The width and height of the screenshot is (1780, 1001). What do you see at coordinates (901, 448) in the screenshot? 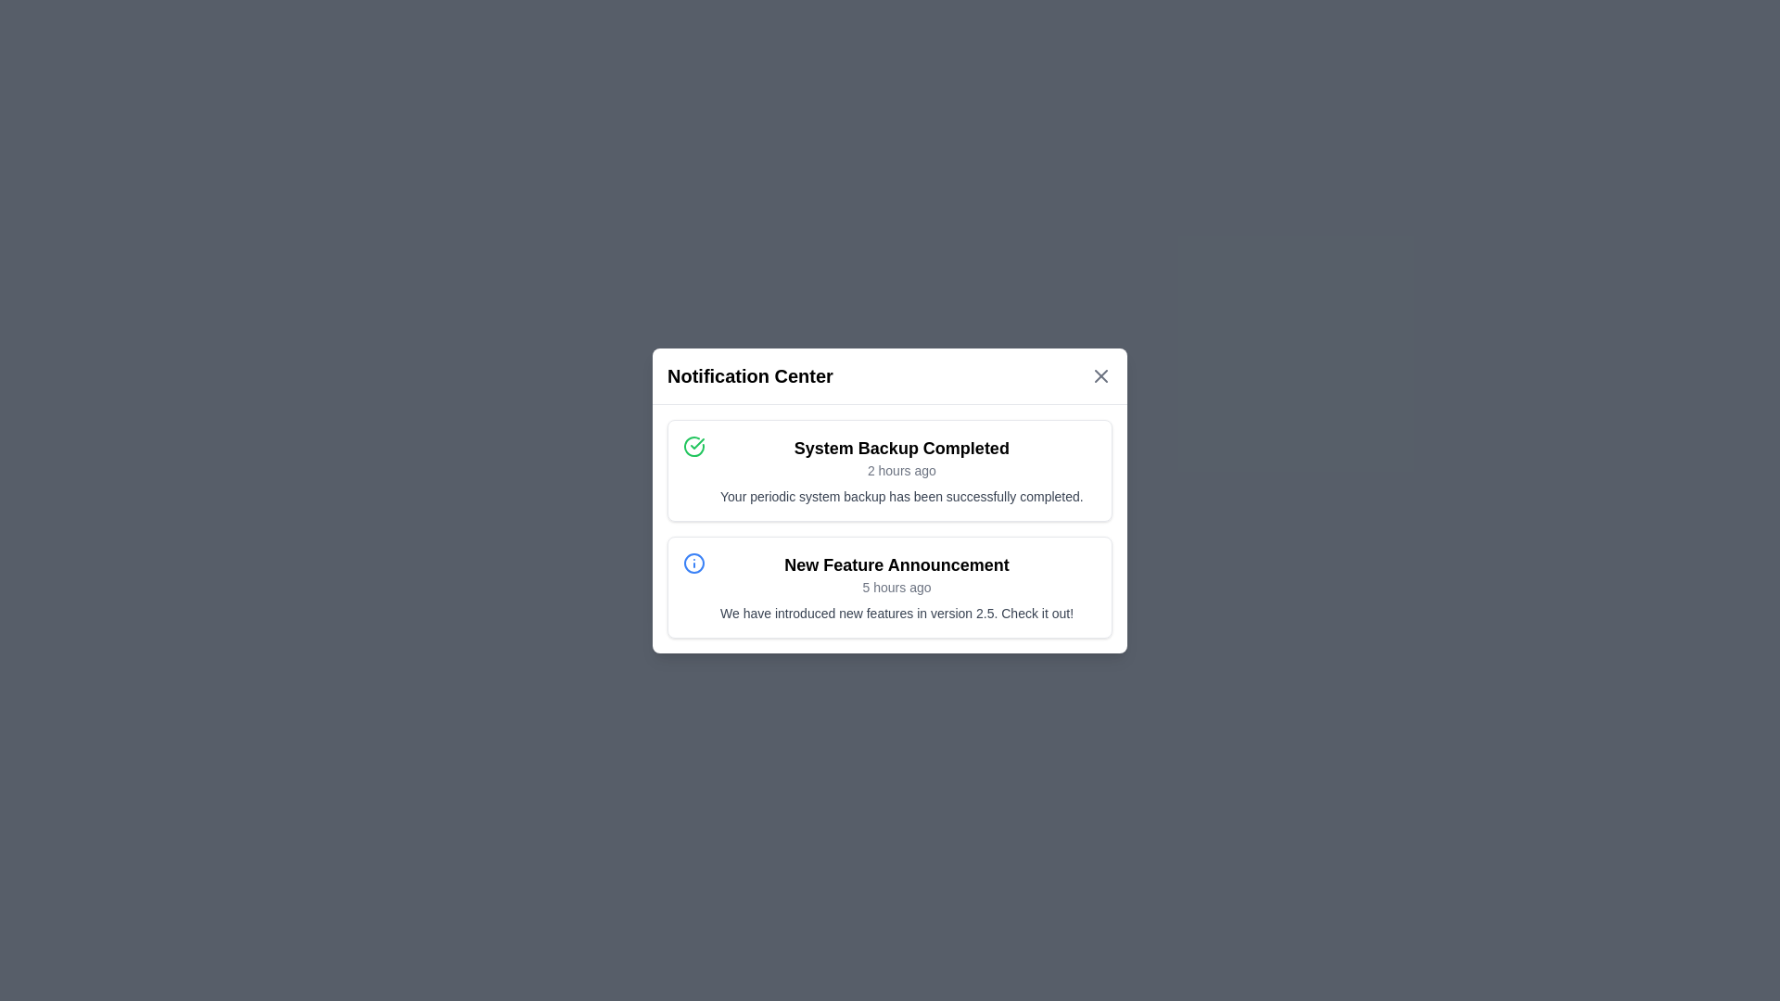
I see `text content of the element displaying 'System Backup Completed', which is styled in bold and larger font within a white notification card` at bounding box center [901, 448].